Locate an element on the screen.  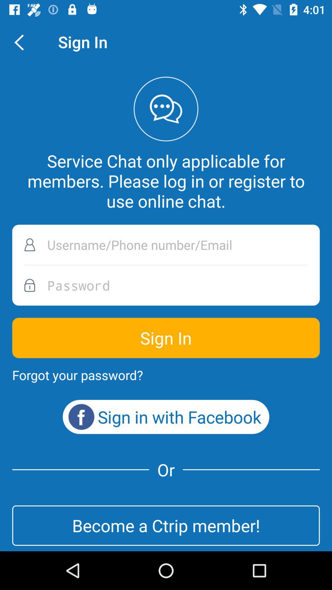
item to the left of the sign in is located at coordinates (22, 41).